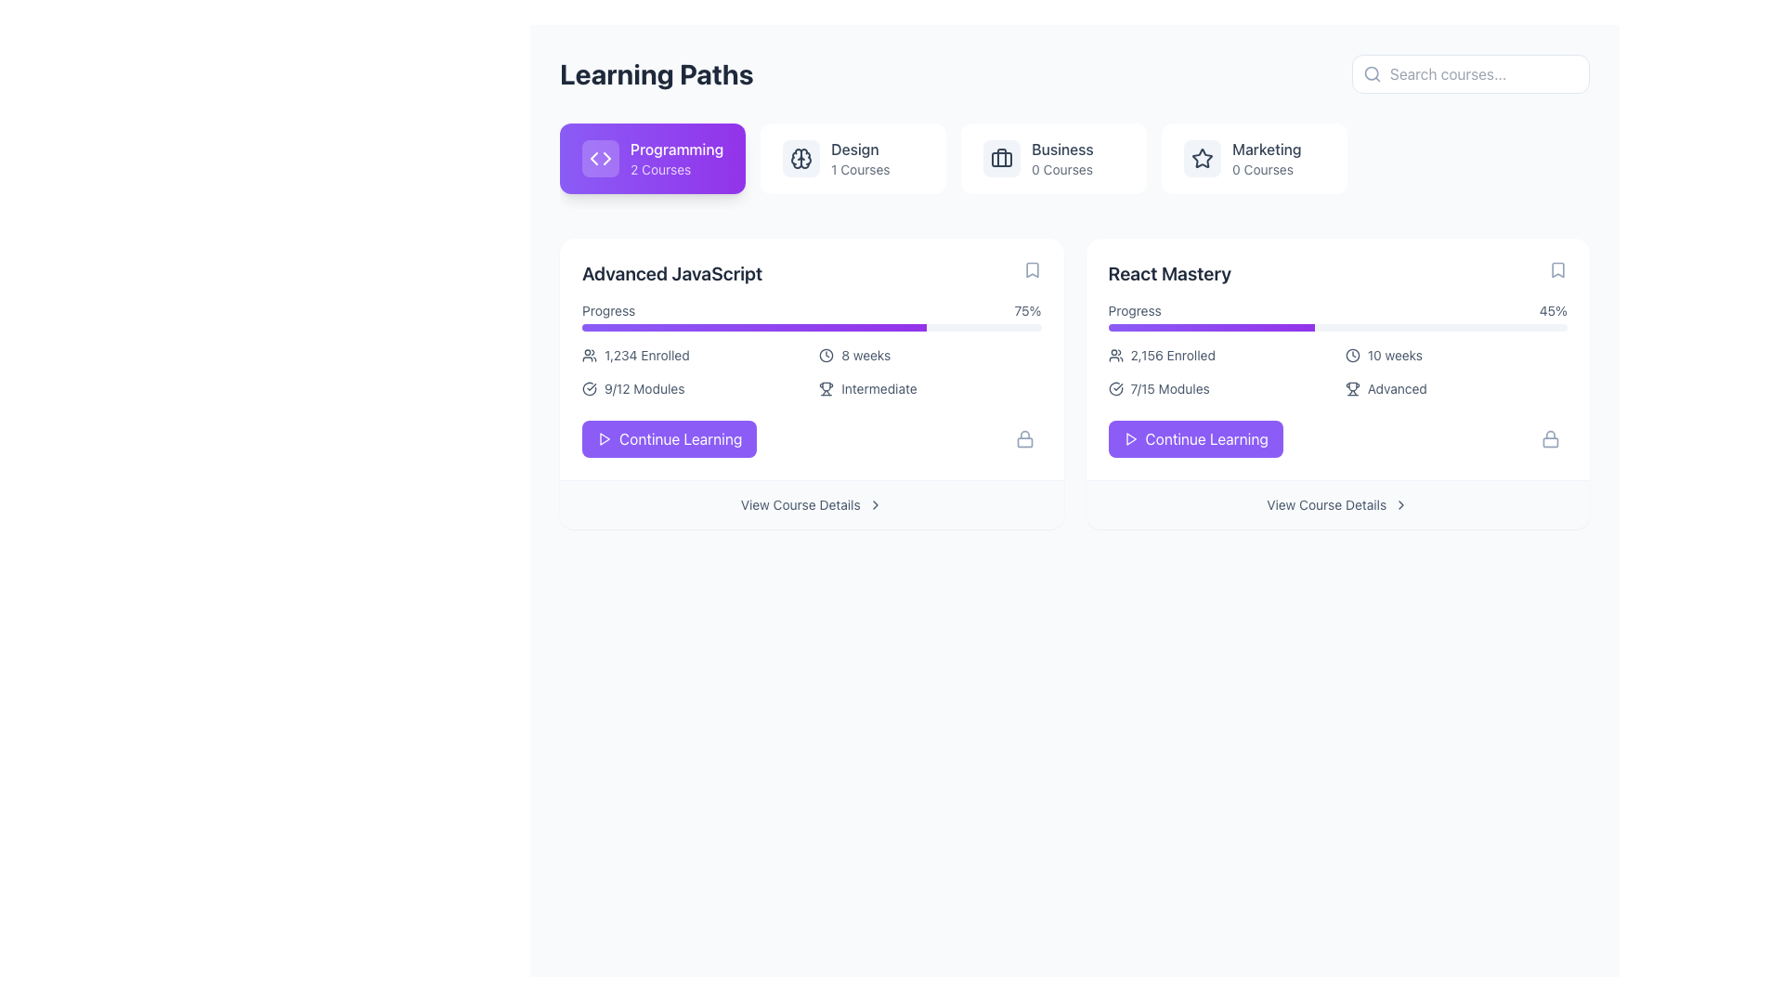  Describe the element at coordinates (1001, 156) in the screenshot. I see `the vertical line element that forms part of the handle of the briefcase icon, located at the right side of the handle next to the 'Business' category text` at that location.